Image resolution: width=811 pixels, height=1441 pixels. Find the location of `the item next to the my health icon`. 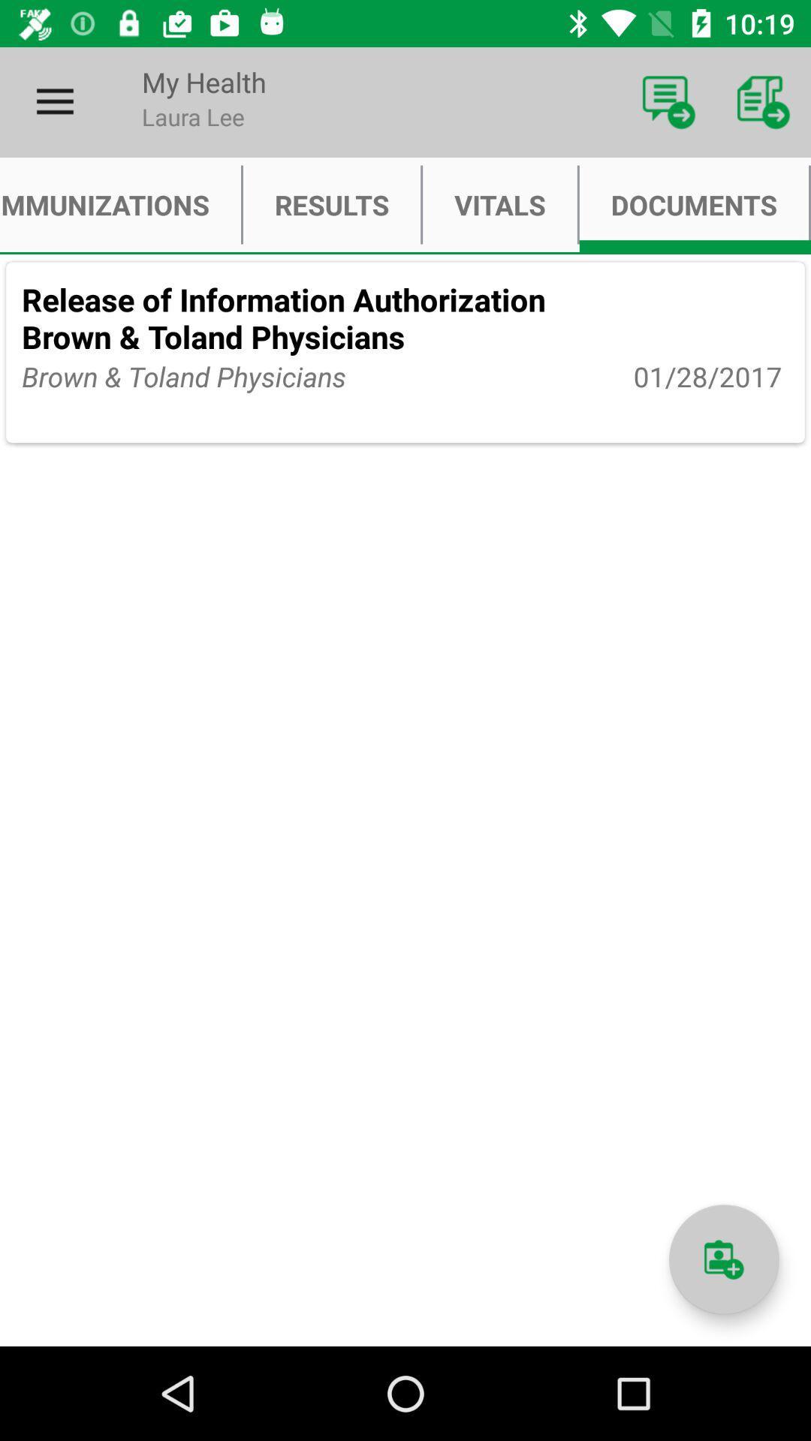

the item next to the my health icon is located at coordinates (668, 101).